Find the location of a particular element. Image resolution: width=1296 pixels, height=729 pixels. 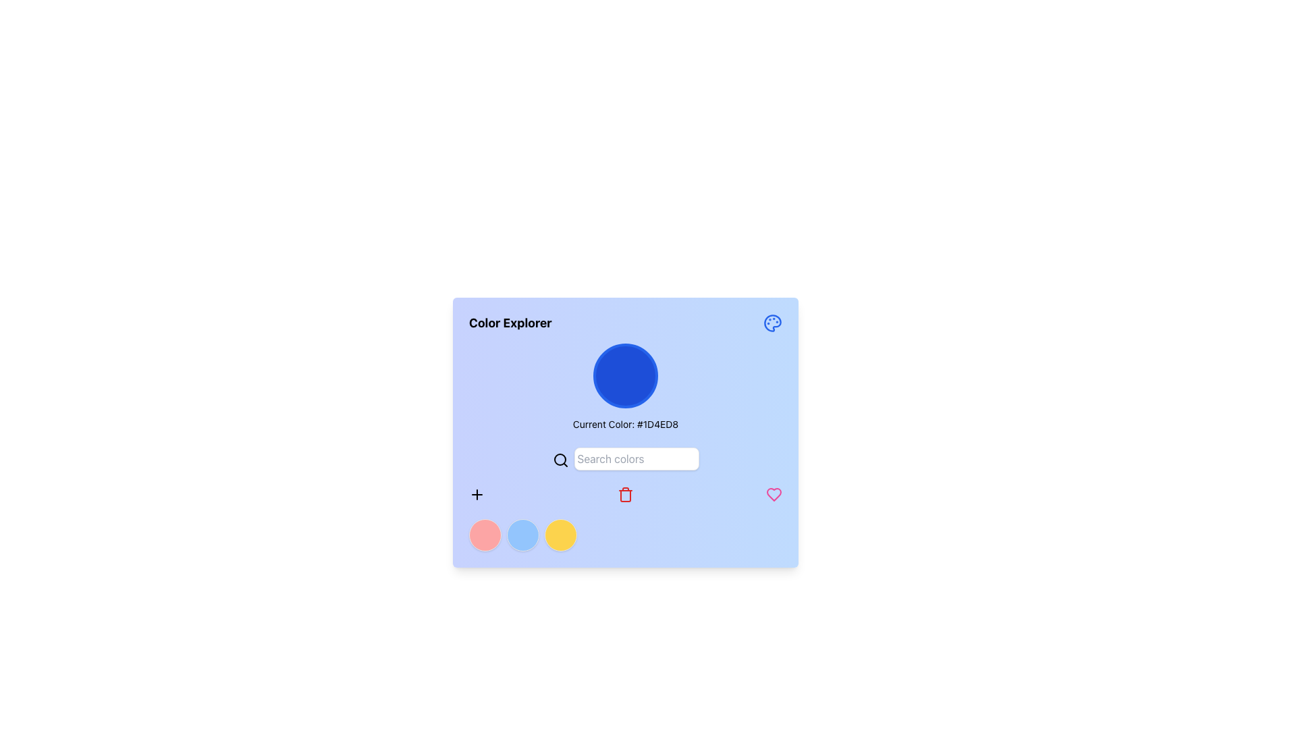

the circular button with a light blue background located in the 'Color Explorer' section is located at coordinates (522, 535).